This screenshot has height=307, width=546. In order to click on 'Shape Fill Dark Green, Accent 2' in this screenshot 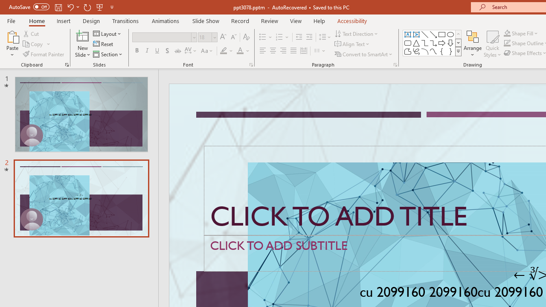, I will do `click(507, 33)`.